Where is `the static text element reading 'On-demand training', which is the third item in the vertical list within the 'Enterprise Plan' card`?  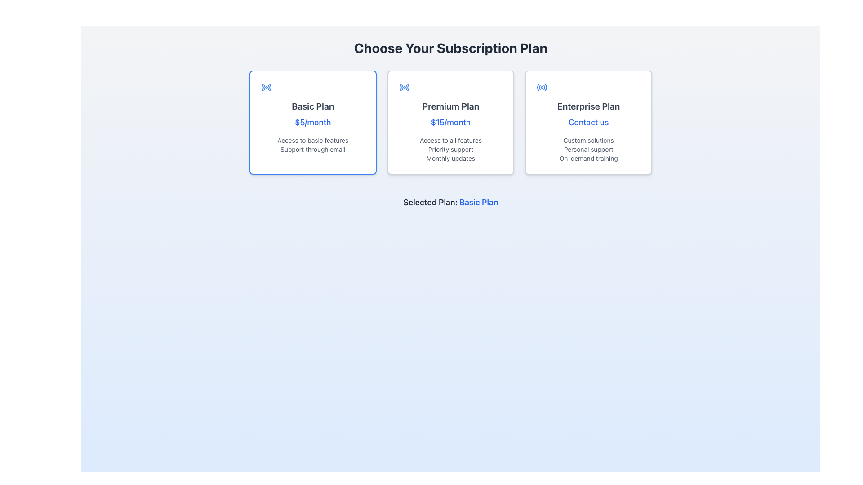
the static text element reading 'On-demand training', which is the third item in the vertical list within the 'Enterprise Plan' card is located at coordinates (588, 158).